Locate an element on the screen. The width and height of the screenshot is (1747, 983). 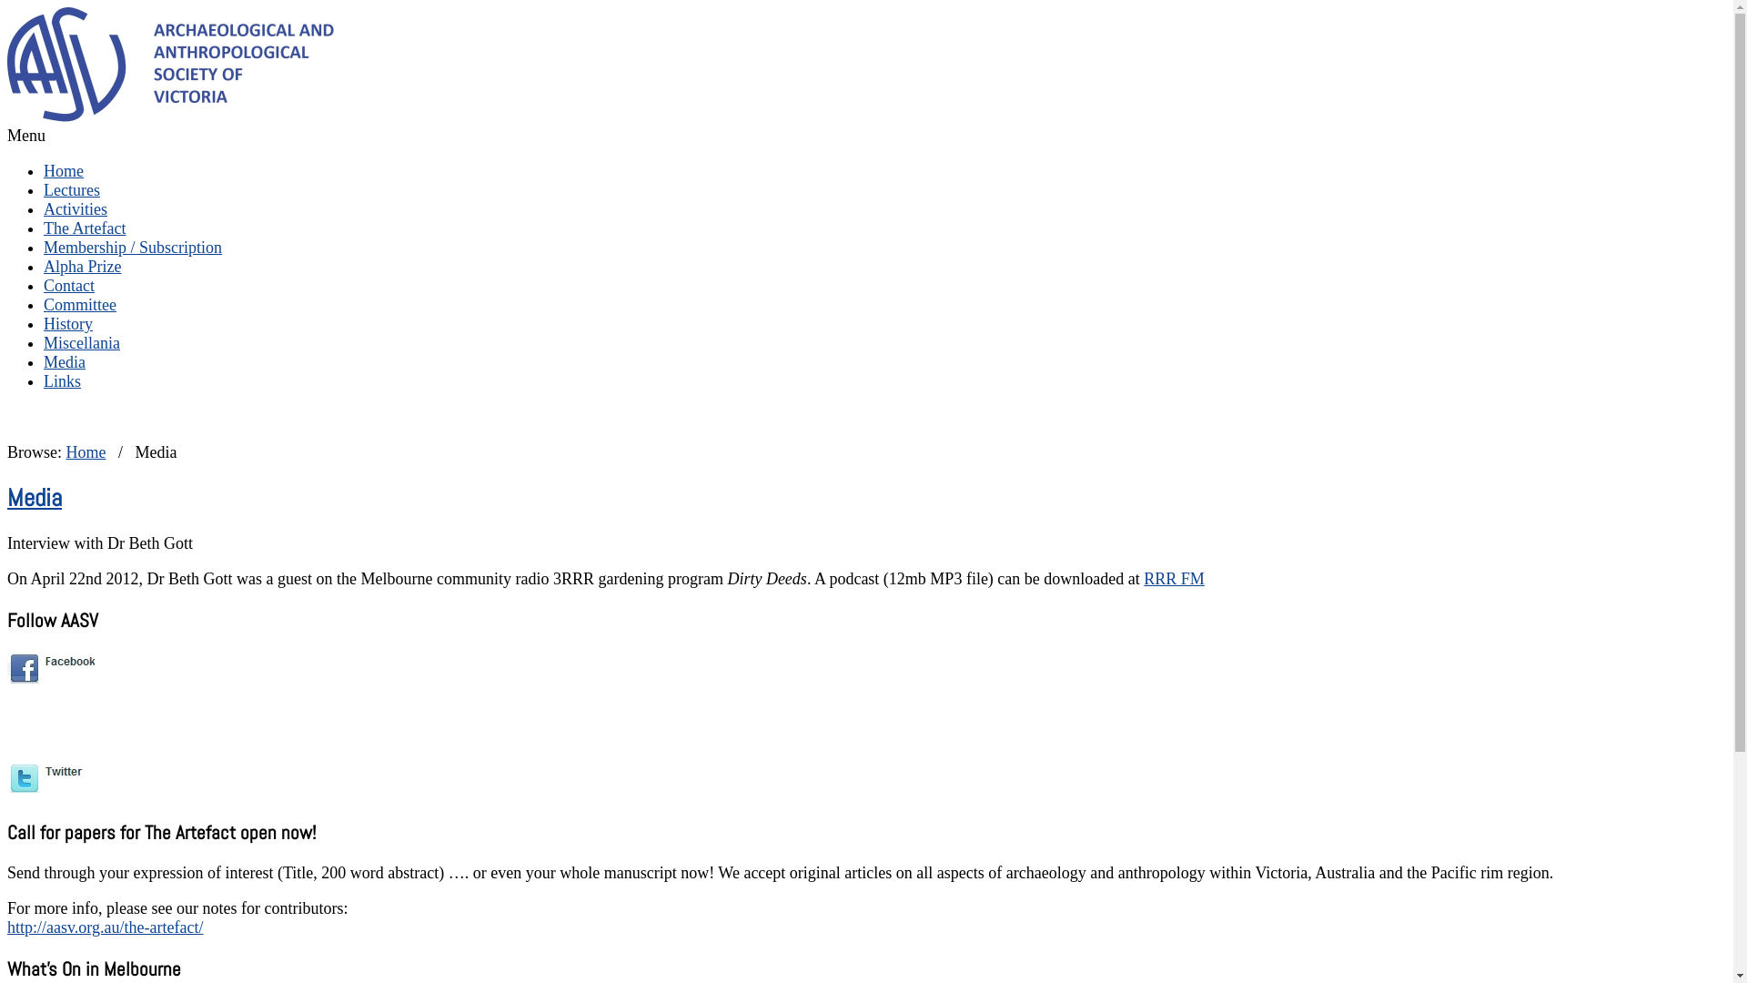
'Contact' is located at coordinates (69, 285).